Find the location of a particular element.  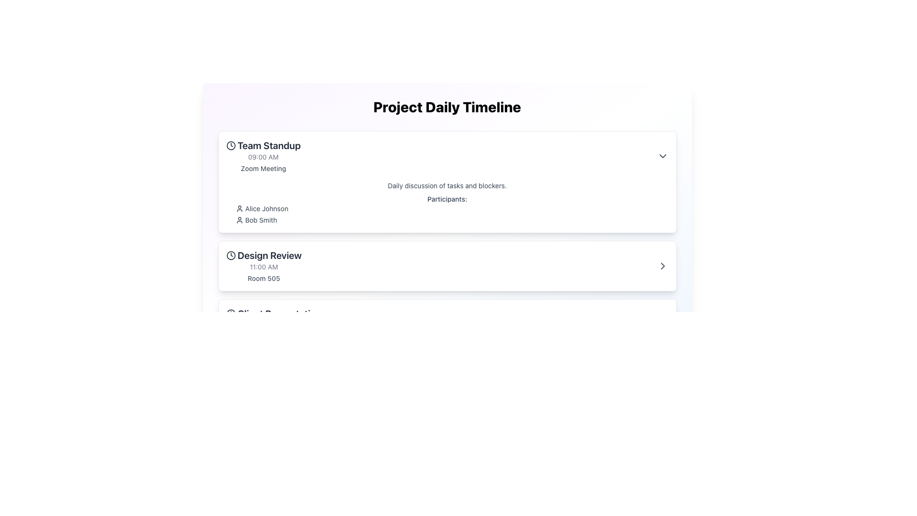

the chevron button located at the bottom right corner of the 'Design Review' event entry is located at coordinates (662, 266).